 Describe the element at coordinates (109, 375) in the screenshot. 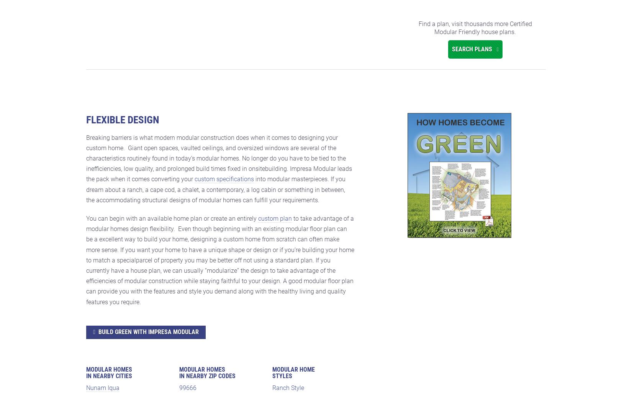

I see `'in Nearby Cities'` at that location.